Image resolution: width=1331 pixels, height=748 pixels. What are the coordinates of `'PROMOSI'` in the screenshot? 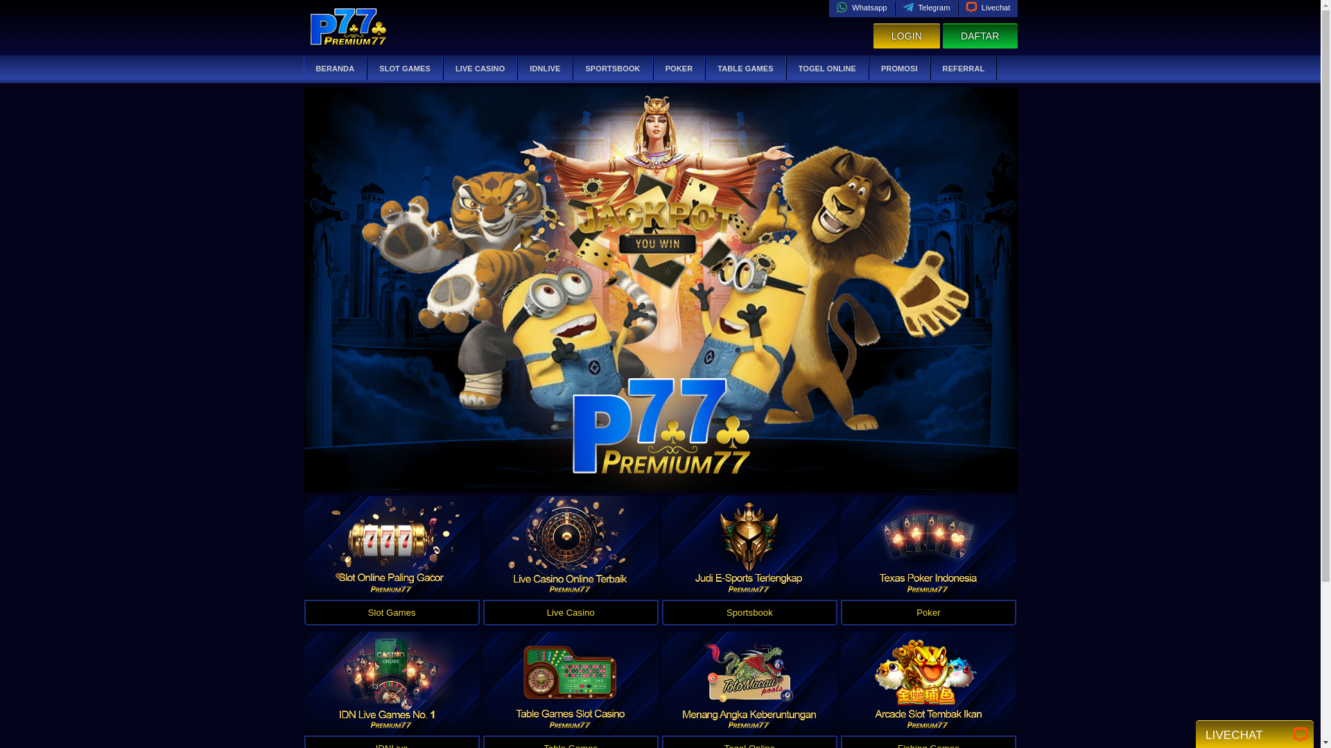 It's located at (899, 69).